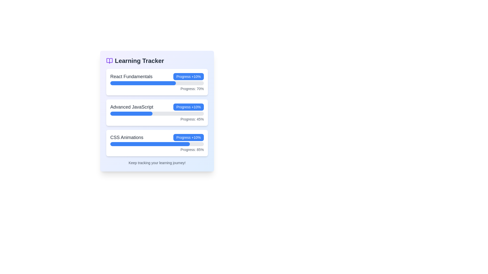 The width and height of the screenshot is (488, 274). Describe the element at coordinates (157, 60) in the screenshot. I see `the header title element with an embedded icon` at that location.